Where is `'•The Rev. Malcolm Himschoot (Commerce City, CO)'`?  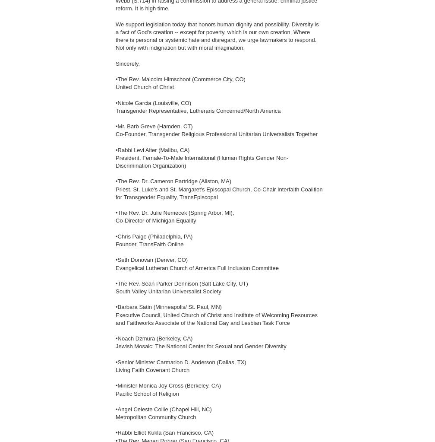 '•The Rev. Malcolm Himschoot (Commerce City, CO)' is located at coordinates (180, 79).